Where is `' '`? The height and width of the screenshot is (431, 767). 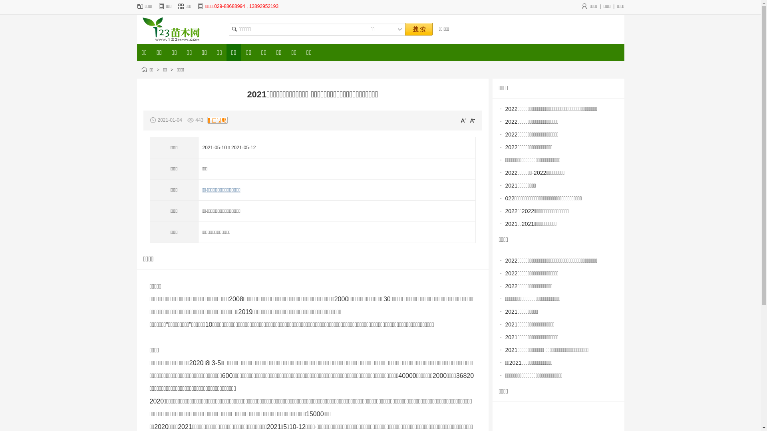 ' ' is located at coordinates (417, 29).